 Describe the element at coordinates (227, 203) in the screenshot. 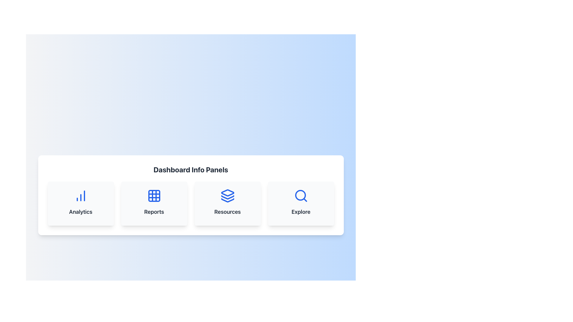

I see `the 'Resources' card, which is the third card in the horizontal grid of four cards in the 'Dashboard Info Panels' section` at that location.